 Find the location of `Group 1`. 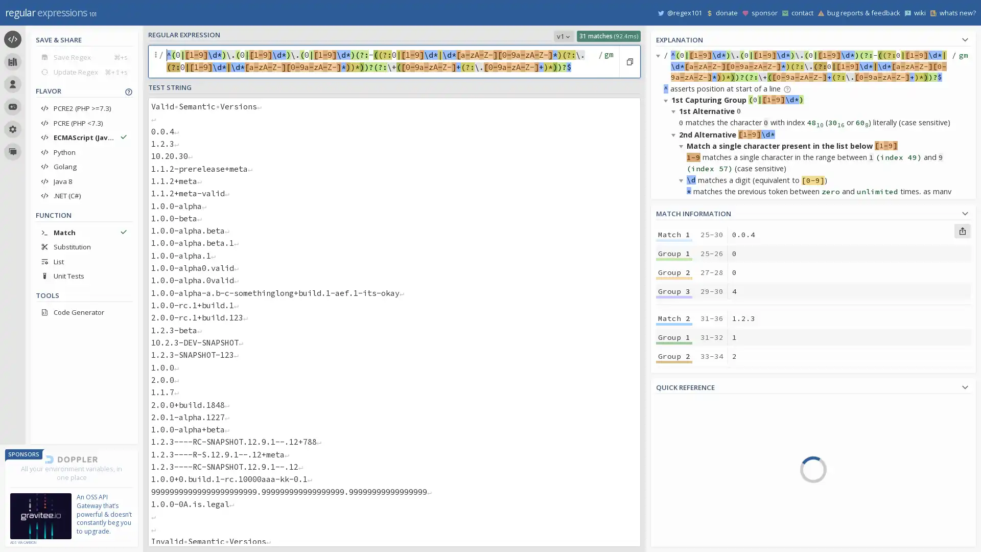

Group 1 is located at coordinates (674, 337).